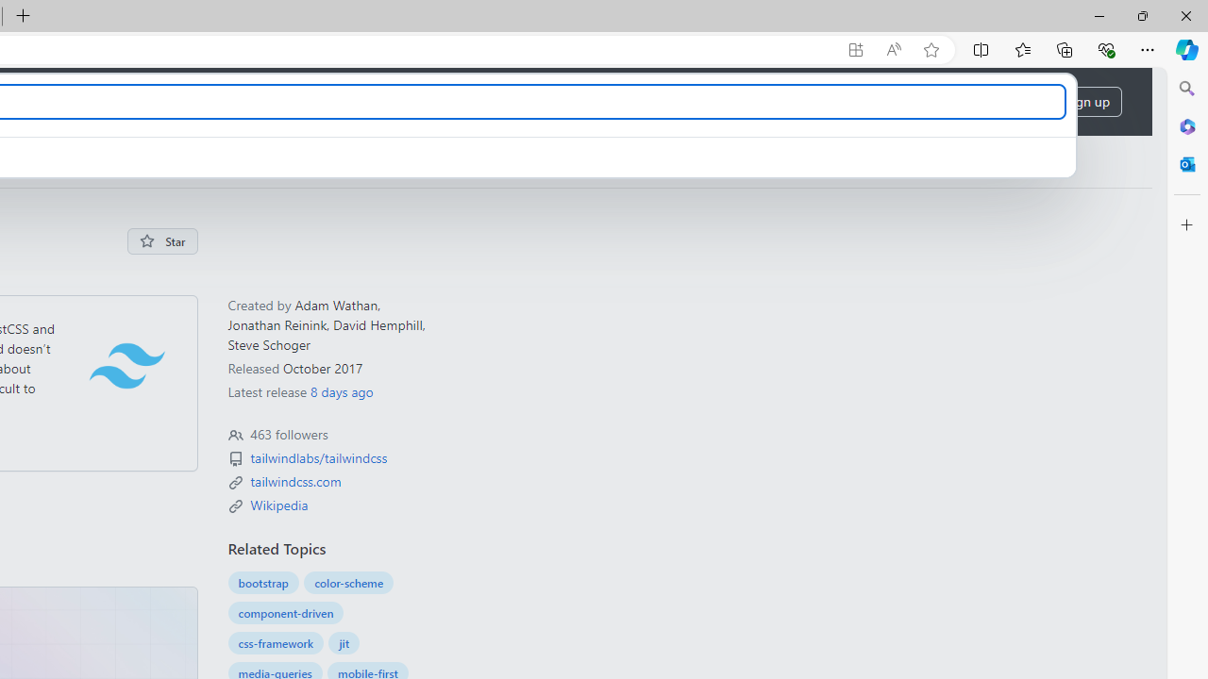 Image resolution: width=1208 pixels, height=679 pixels. I want to click on 'tailwindlabs/tailwindcss', so click(318, 457).